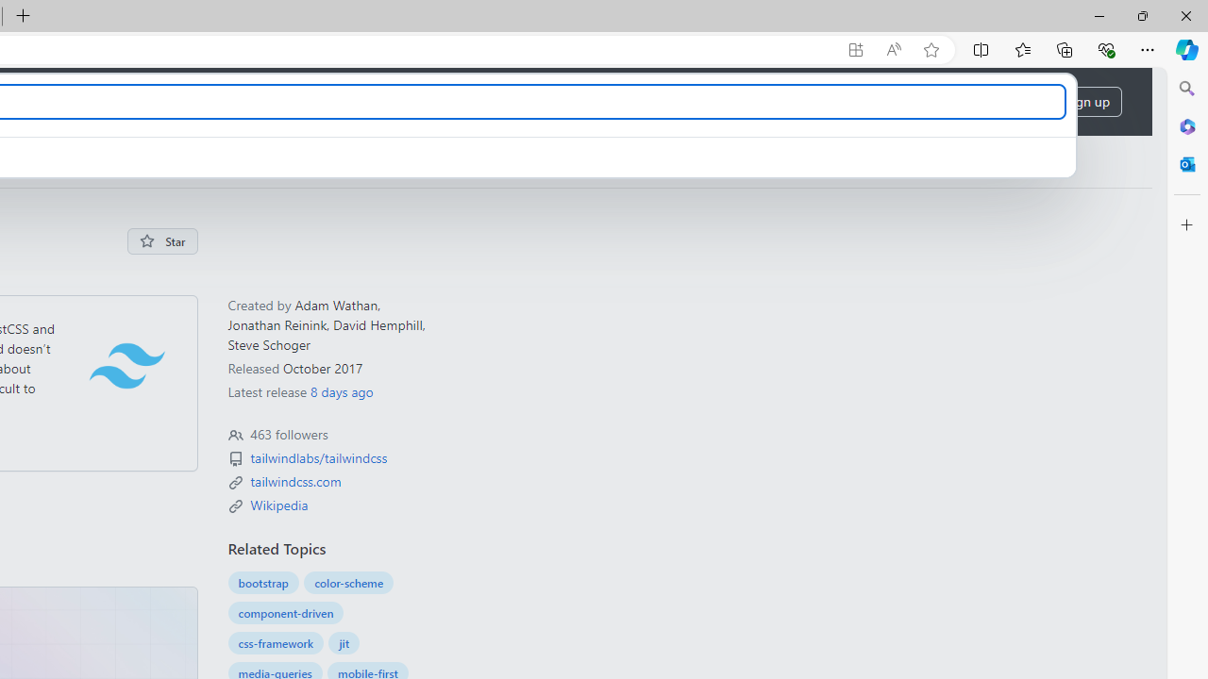 Image resolution: width=1208 pixels, height=679 pixels. I want to click on 'tailwindlabs/tailwindcss', so click(318, 457).